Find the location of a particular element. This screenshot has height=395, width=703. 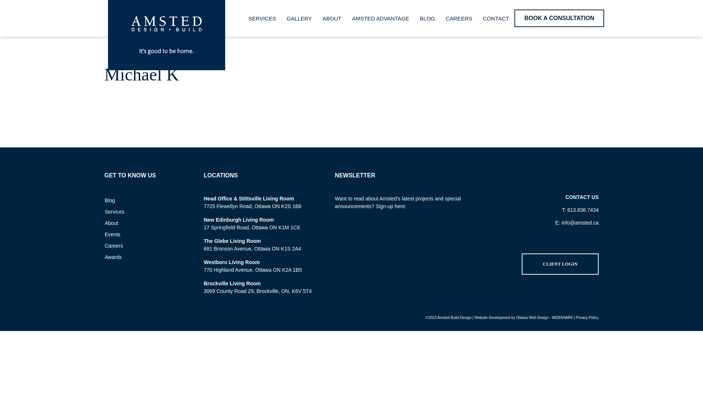

'SERVICES' is located at coordinates (262, 18).